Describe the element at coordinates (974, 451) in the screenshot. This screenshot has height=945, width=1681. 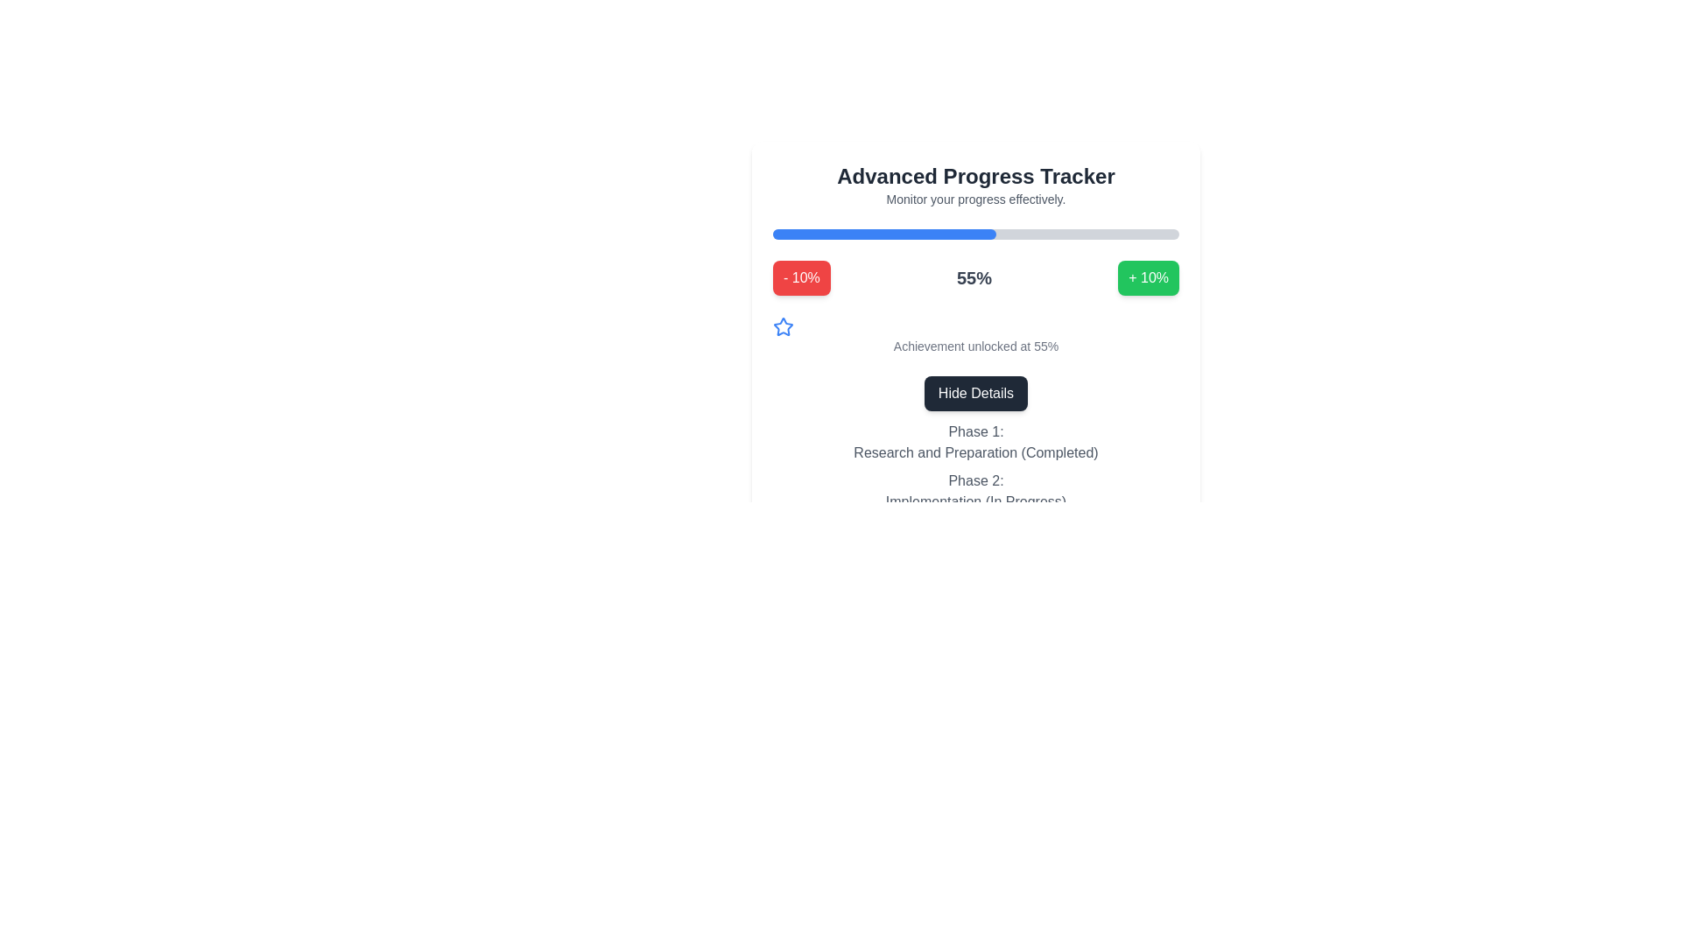
I see `the text display indicating the first phase of the progress tracker, which describes its completion status and is located beneath the 'Phase 1:' label` at that location.